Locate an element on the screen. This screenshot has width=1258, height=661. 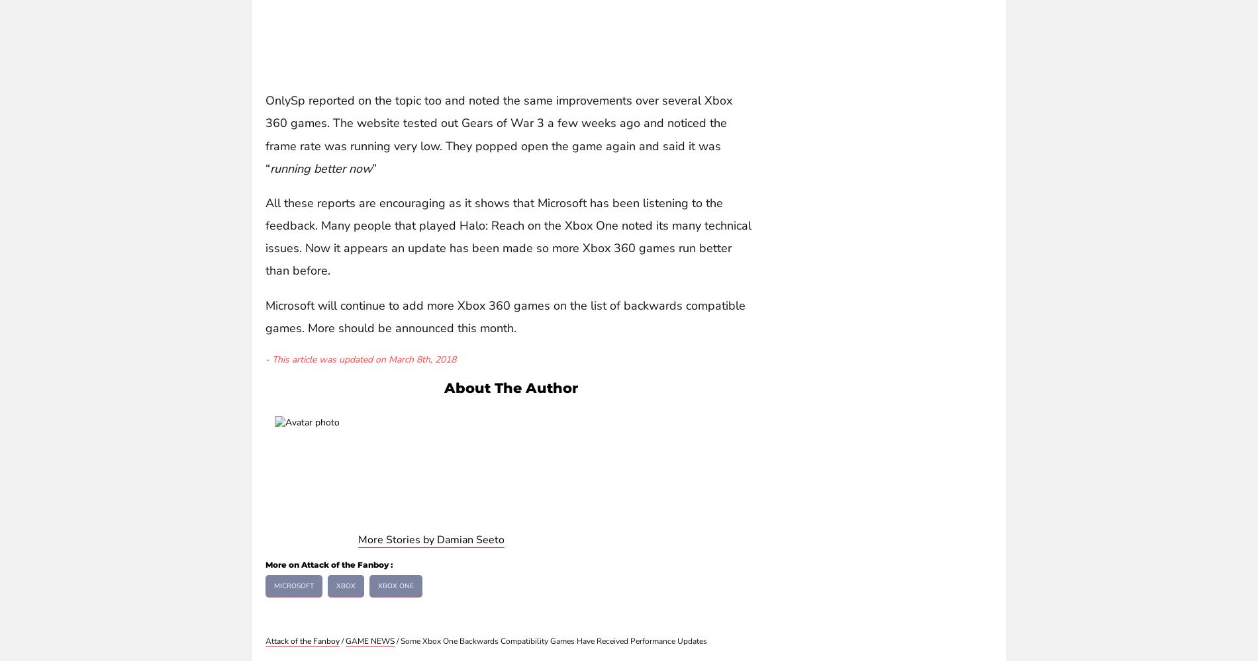
'Xbox One' is located at coordinates (395, 585).